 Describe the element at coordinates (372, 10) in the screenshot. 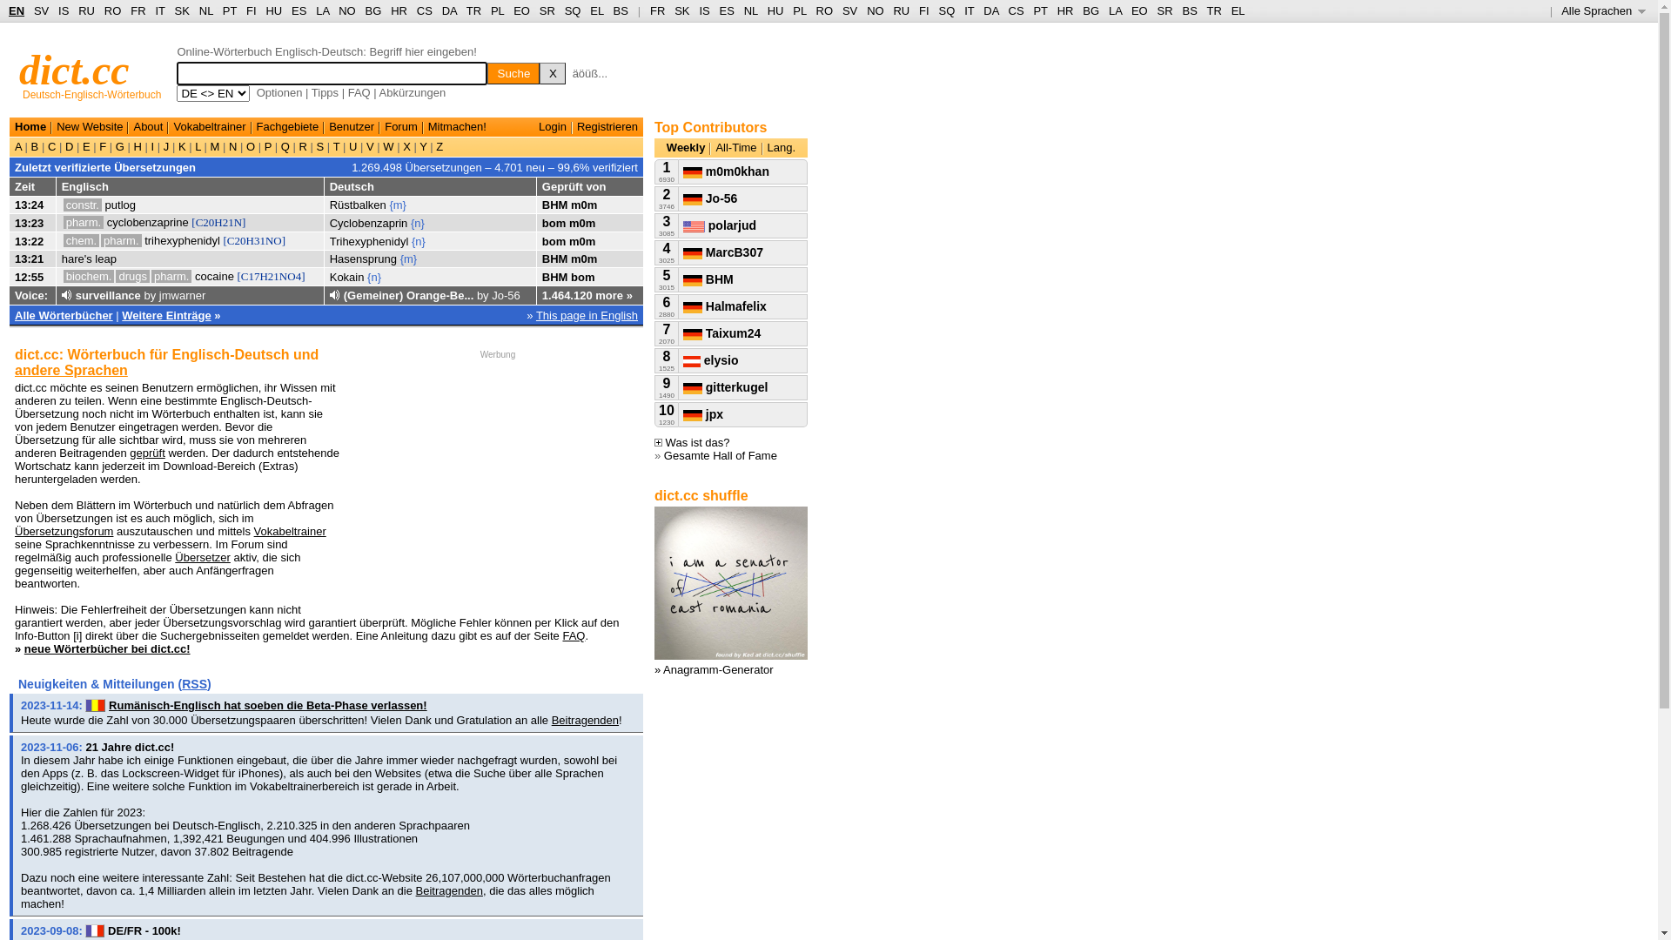

I see `'BG'` at that location.